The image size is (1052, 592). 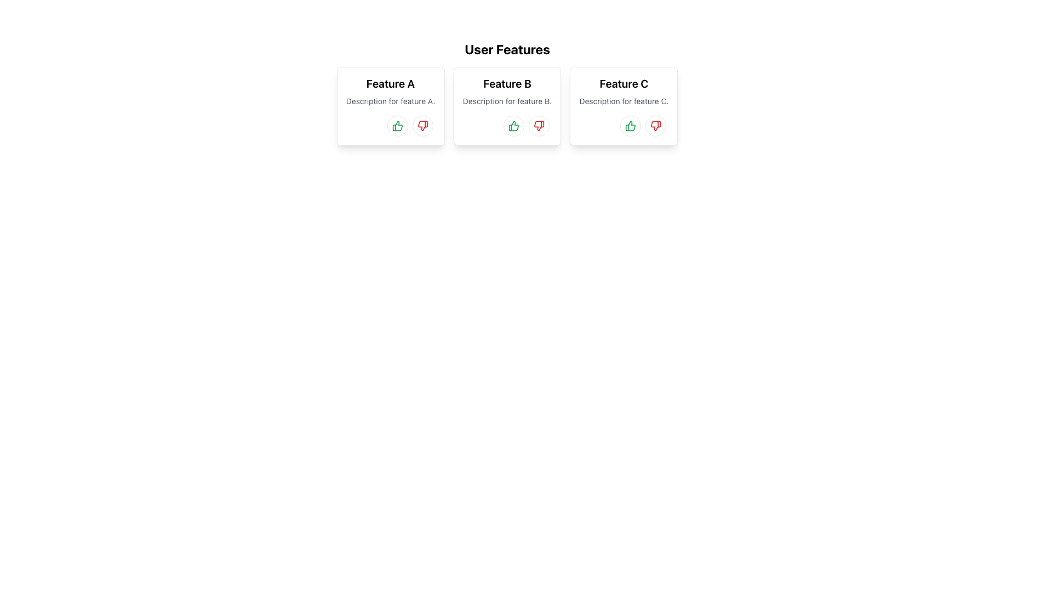 What do you see at coordinates (656, 126) in the screenshot?
I see `the thumbs-down icon button associated with 'Feature C'` at bounding box center [656, 126].